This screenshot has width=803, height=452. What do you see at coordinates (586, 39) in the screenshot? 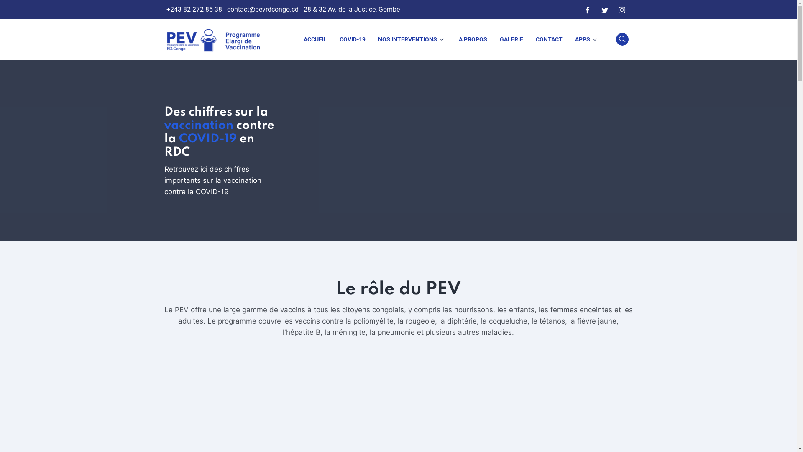
I see `'APPS'` at bounding box center [586, 39].